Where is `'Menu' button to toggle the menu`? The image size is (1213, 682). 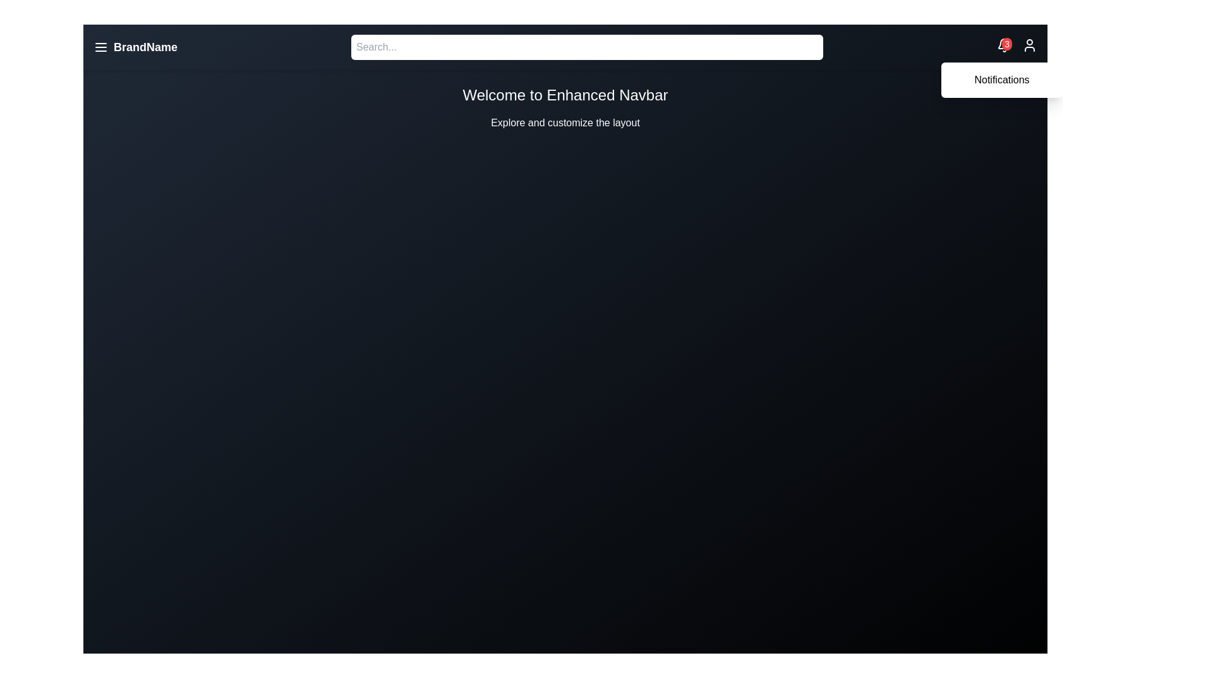
'Menu' button to toggle the menu is located at coordinates (100, 46).